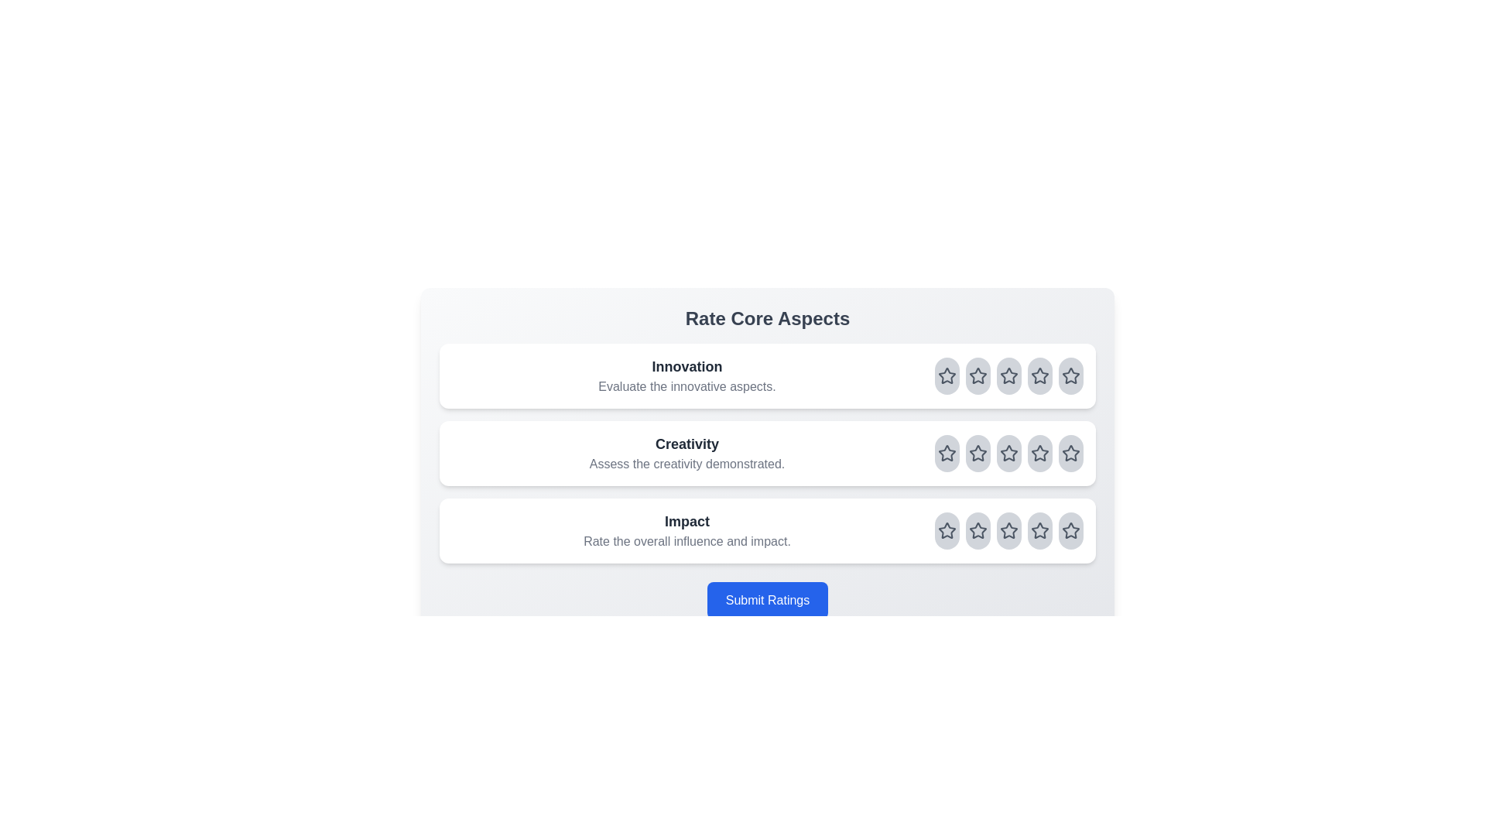 This screenshot has width=1486, height=836. I want to click on 'Submit Ratings' button to submit the selected ratings, so click(768, 599).